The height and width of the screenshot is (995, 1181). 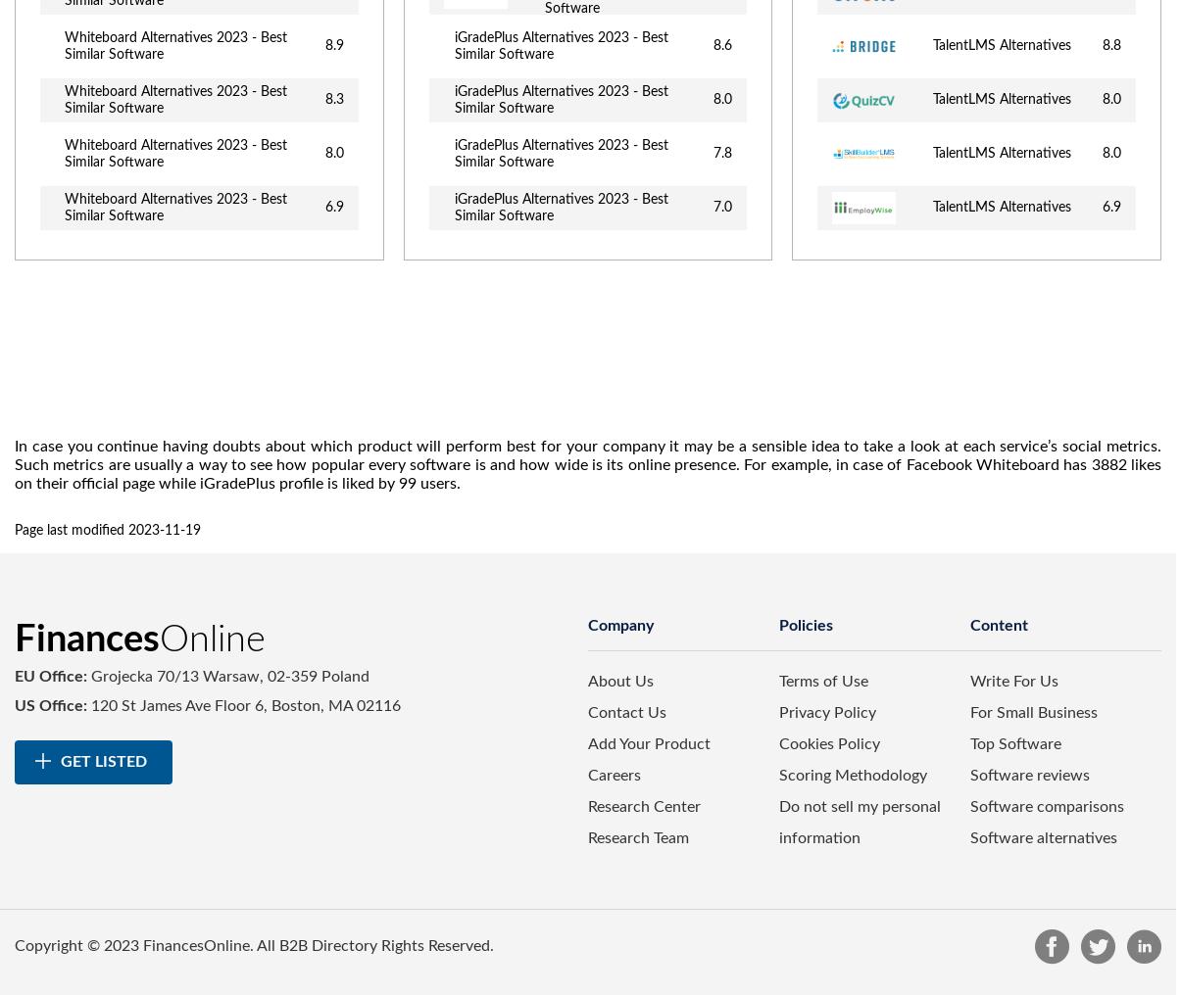 I want to click on 'Privacy Policy', so click(x=826, y=712).